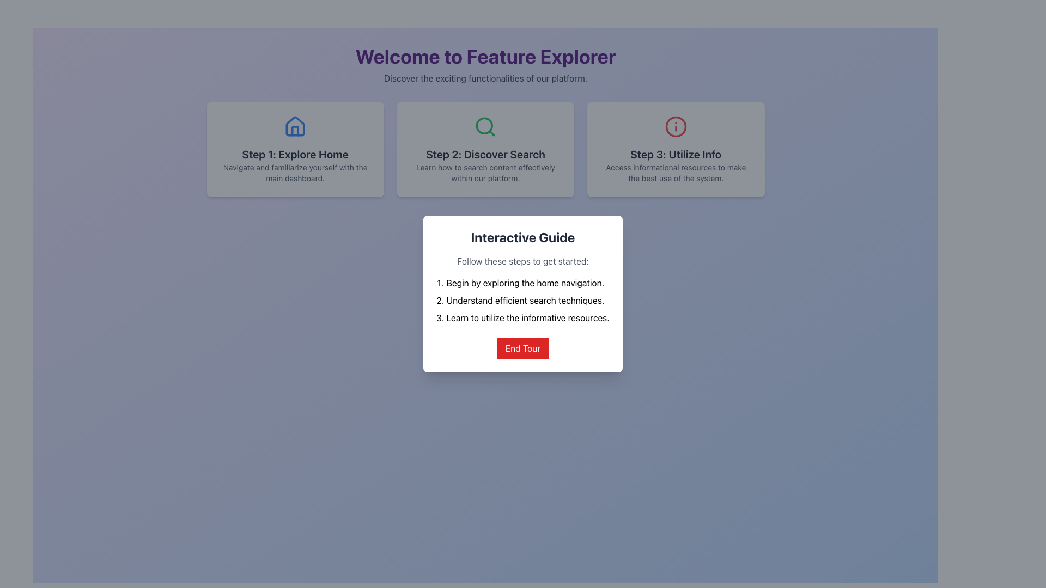 The image size is (1046, 588). What do you see at coordinates (295, 155) in the screenshot?
I see `the text label displaying 'Step 1: Explore Home', which is styled in bold, large dark gray font and positioned within a white card below a house icon` at bounding box center [295, 155].